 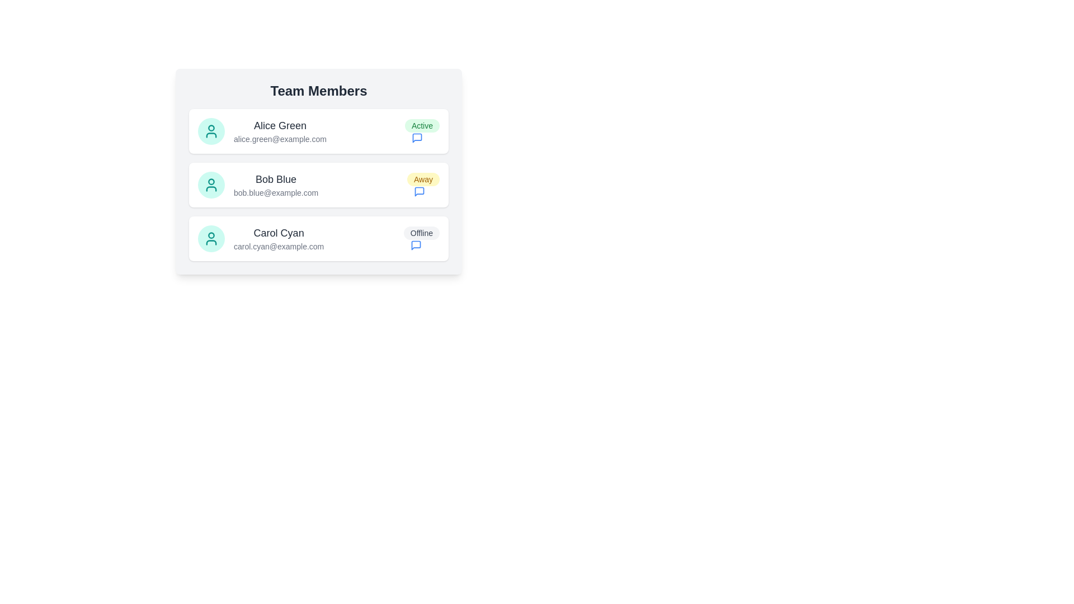 What do you see at coordinates (211, 238) in the screenshot?
I see `the circular icon with a teal background featuring a user figure outline, located at the leftmost edge of the row containing 'Carol Cyan' and 'carol.cyan@example.com' in the 'Team Members' section` at bounding box center [211, 238].